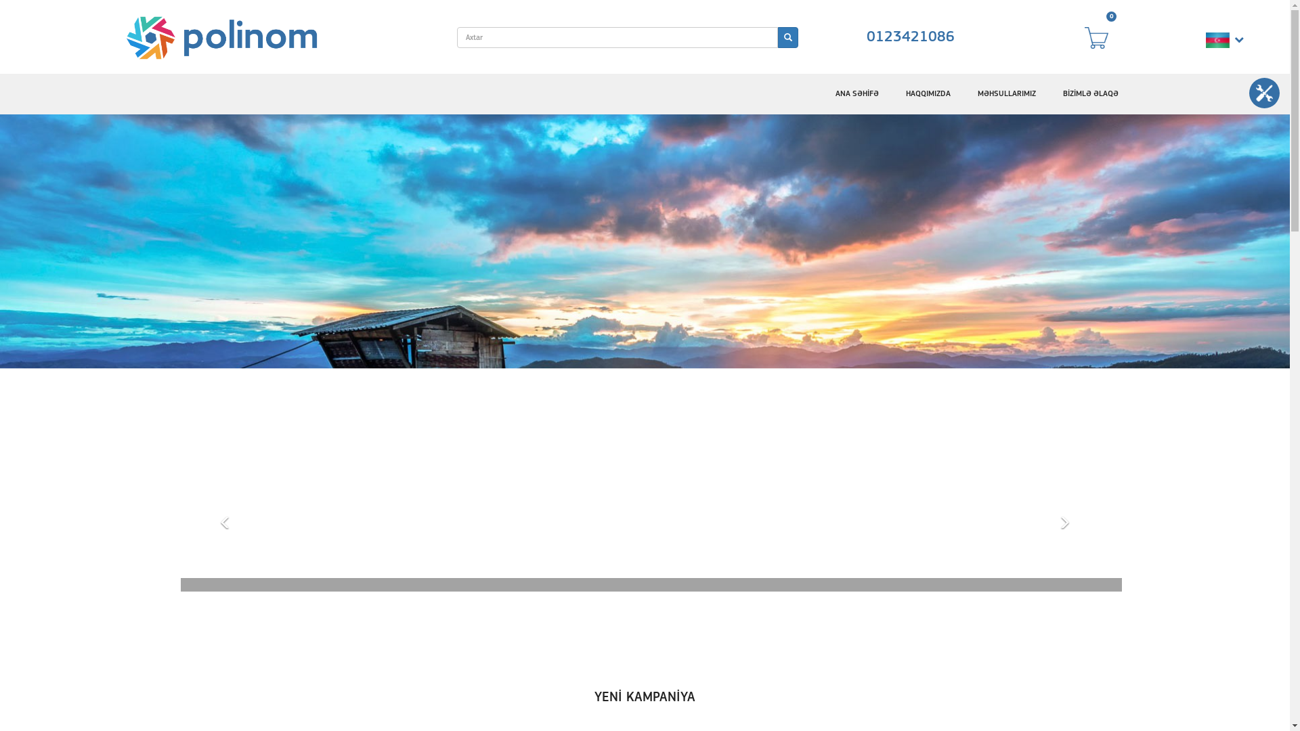  Describe the element at coordinates (928, 93) in the screenshot. I see `'HAQQIMIZDA'` at that location.